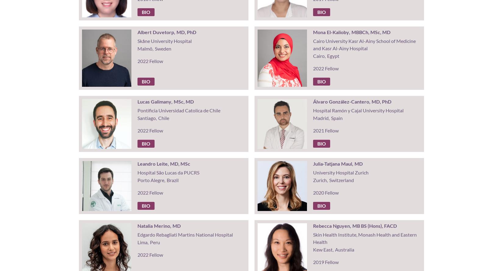 This screenshot has width=503, height=271. Describe the element at coordinates (137, 32) in the screenshot. I see `'Albert'` at that location.